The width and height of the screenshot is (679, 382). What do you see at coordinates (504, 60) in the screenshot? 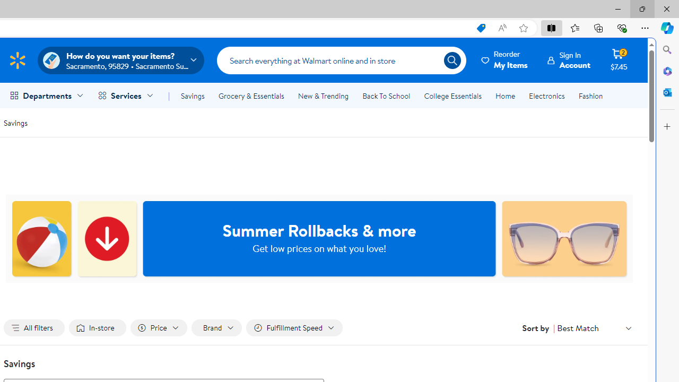
I see `'Reorder My Items'` at bounding box center [504, 60].